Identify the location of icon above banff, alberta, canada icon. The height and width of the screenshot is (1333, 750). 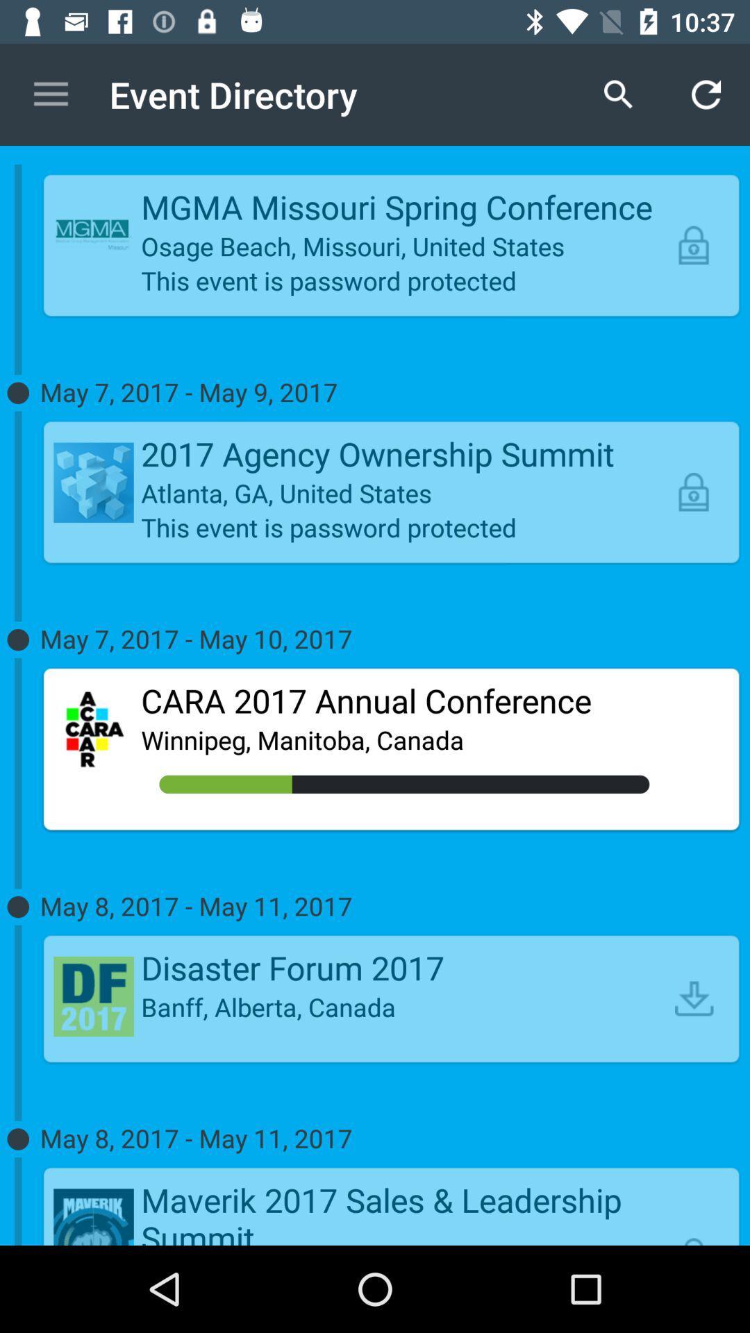
(404, 966).